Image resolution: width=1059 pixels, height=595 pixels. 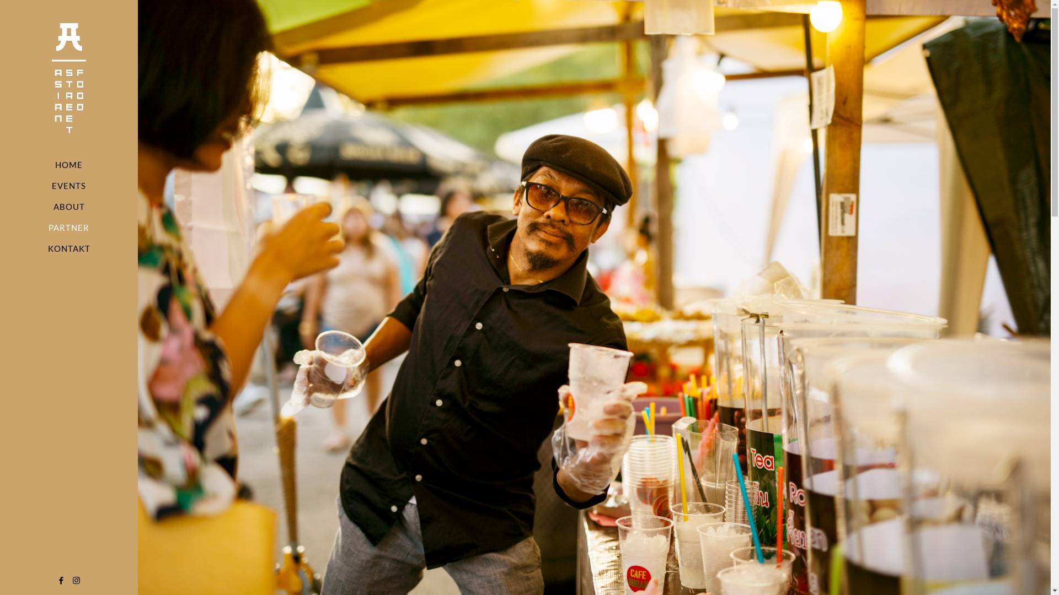 I want to click on 'Instagram', so click(x=76, y=580).